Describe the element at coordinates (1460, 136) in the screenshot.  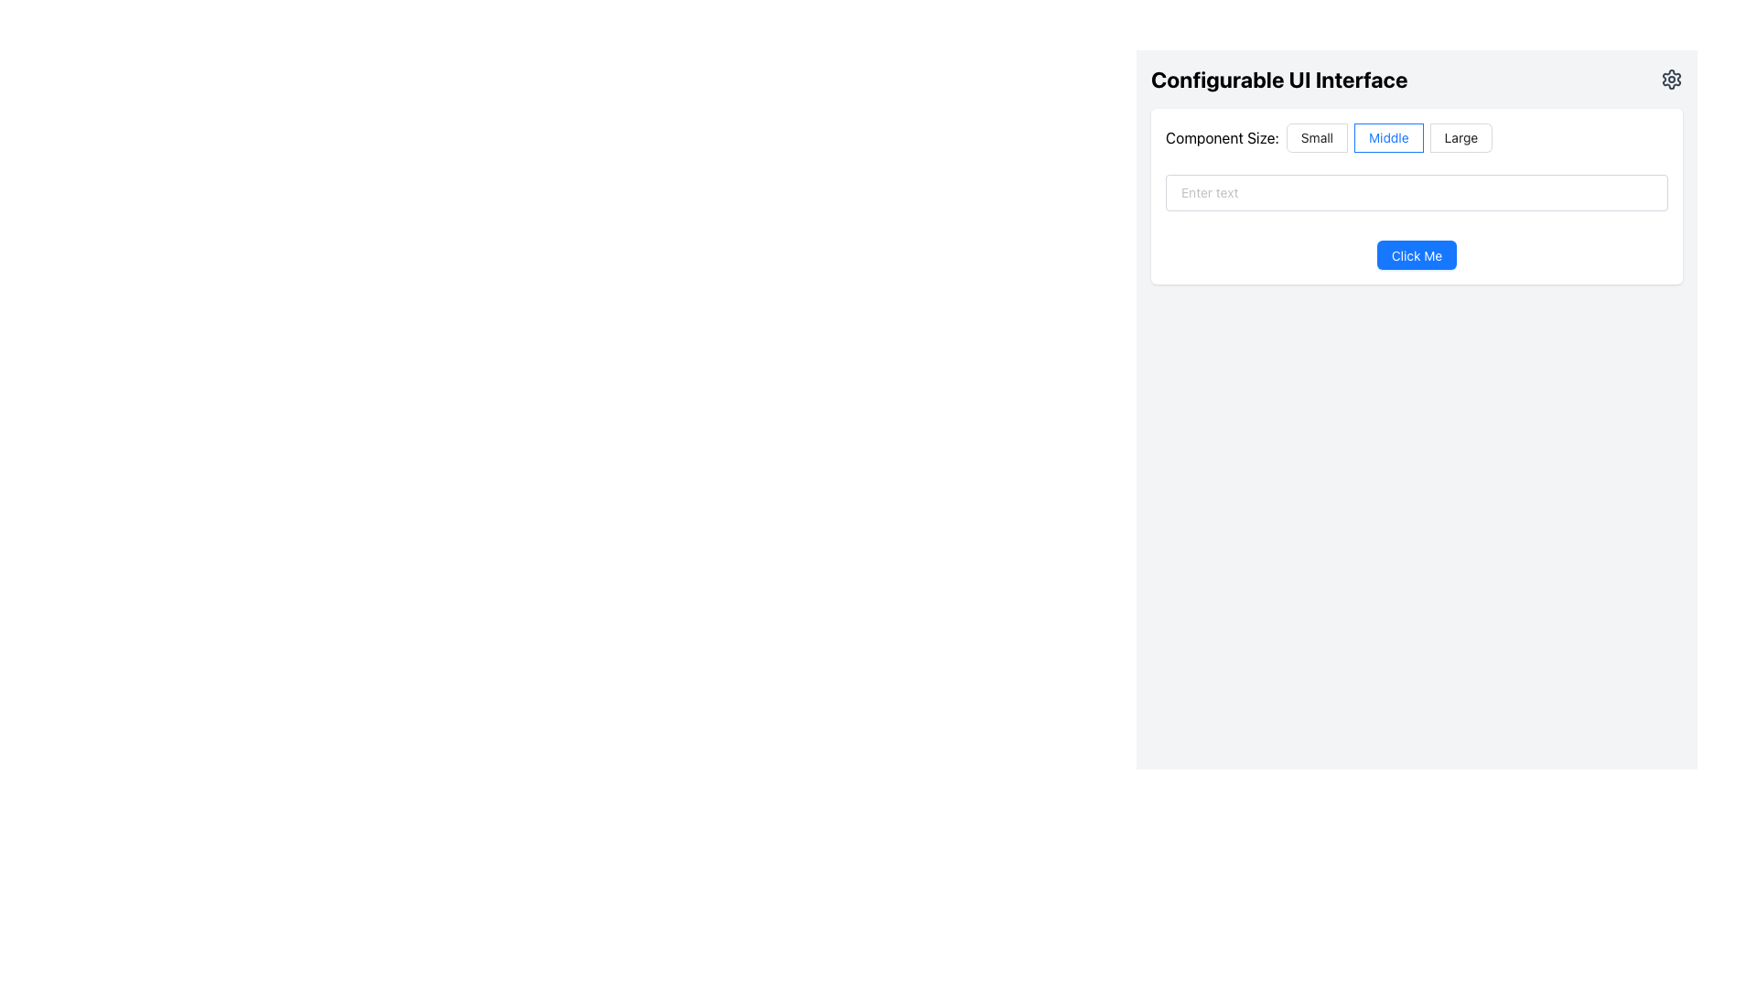
I see `the 'Large' size radio button label` at that location.